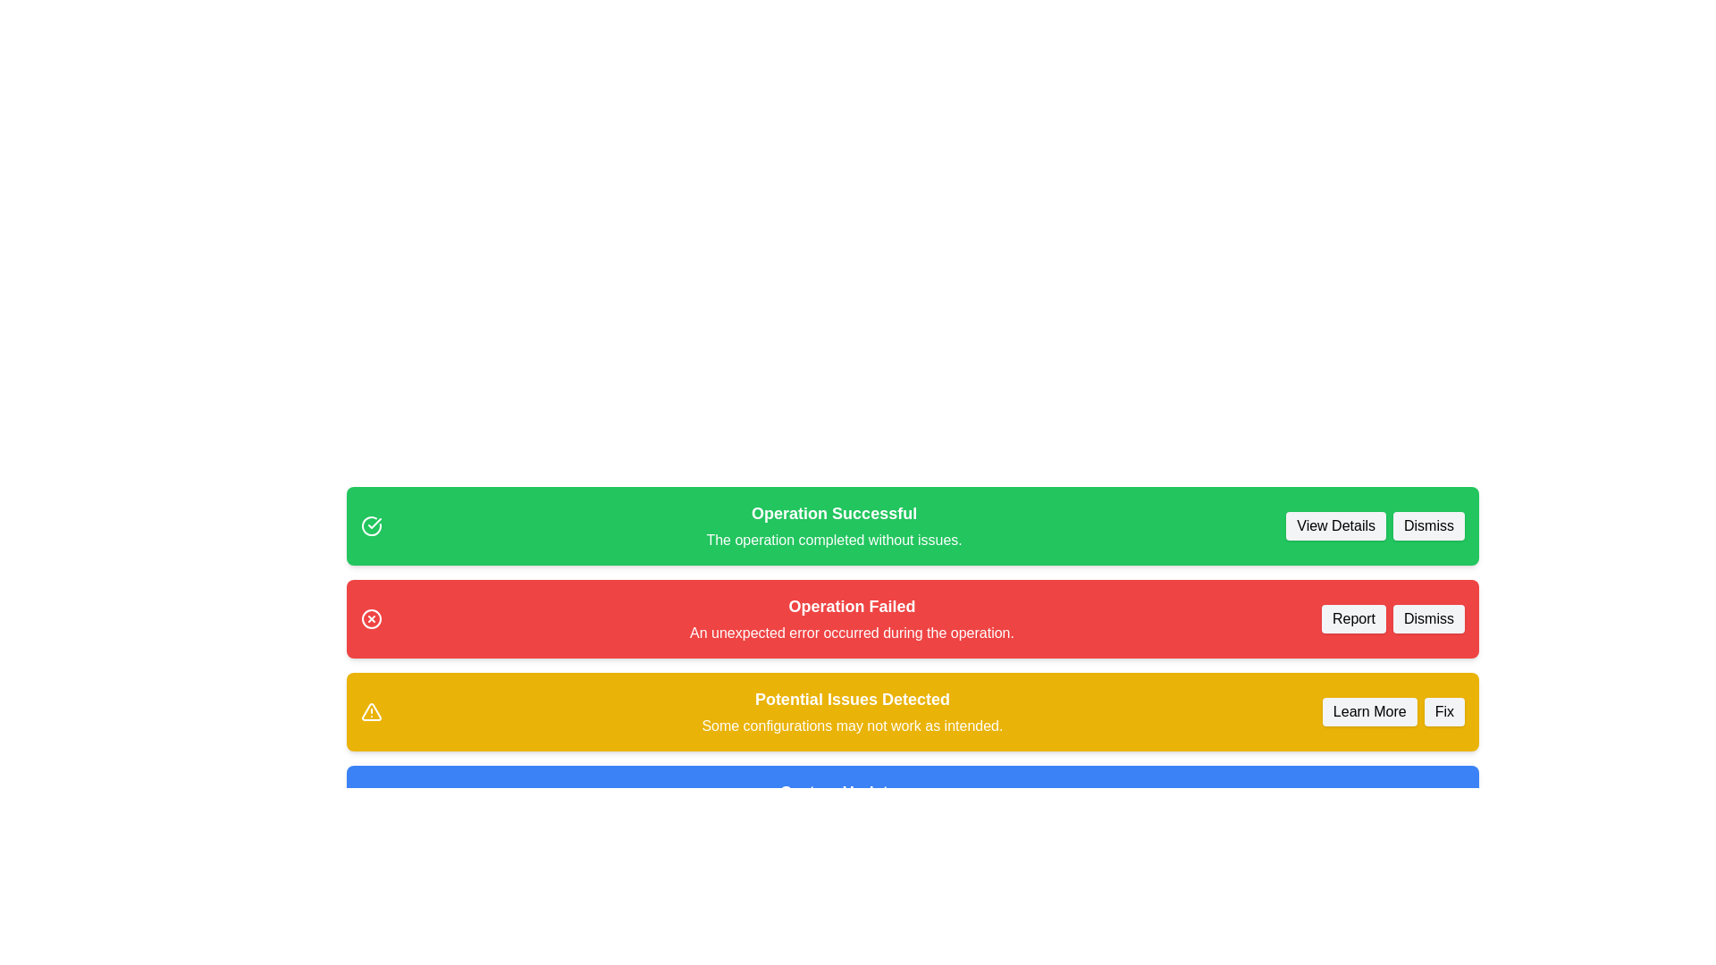 The width and height of the screenshot is (1716, 965). What do you see at coordinates (1354, 618) in the screenshot?
I see `the 'Report' button, which is a rounded rectangular button with a light gray background and black text, located in the second row of the notification panel` at bounding box center [1354, 618].